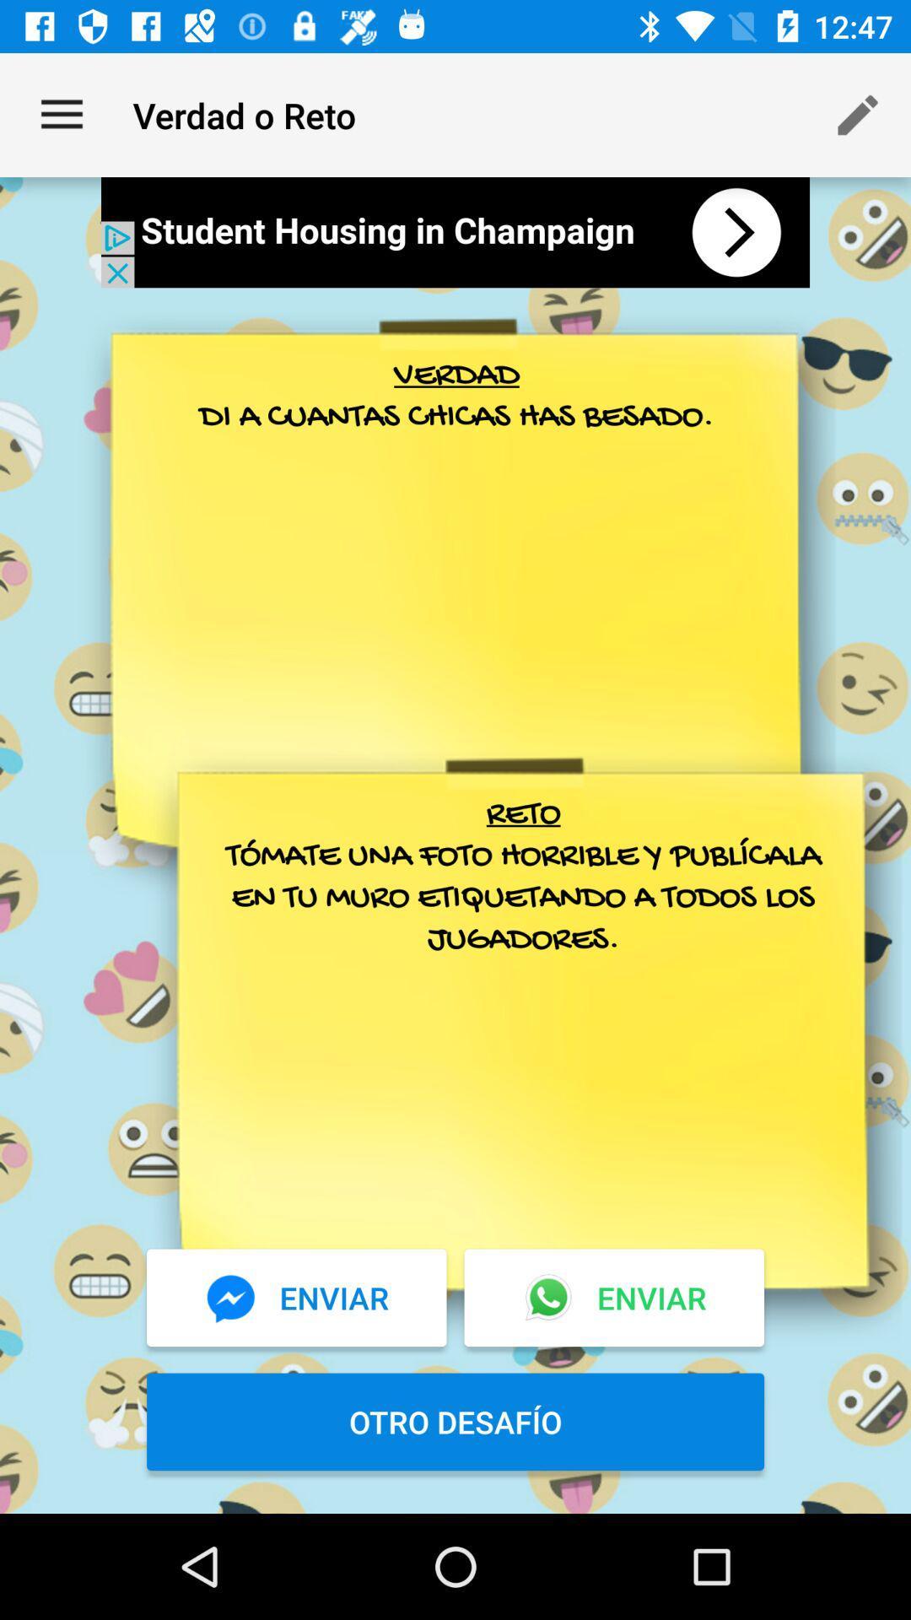 The height and width of the screenshot is (1620, 911). Describe the element at coordinates (455, 231) in the screenshot. I see `open advertisement` at that location.